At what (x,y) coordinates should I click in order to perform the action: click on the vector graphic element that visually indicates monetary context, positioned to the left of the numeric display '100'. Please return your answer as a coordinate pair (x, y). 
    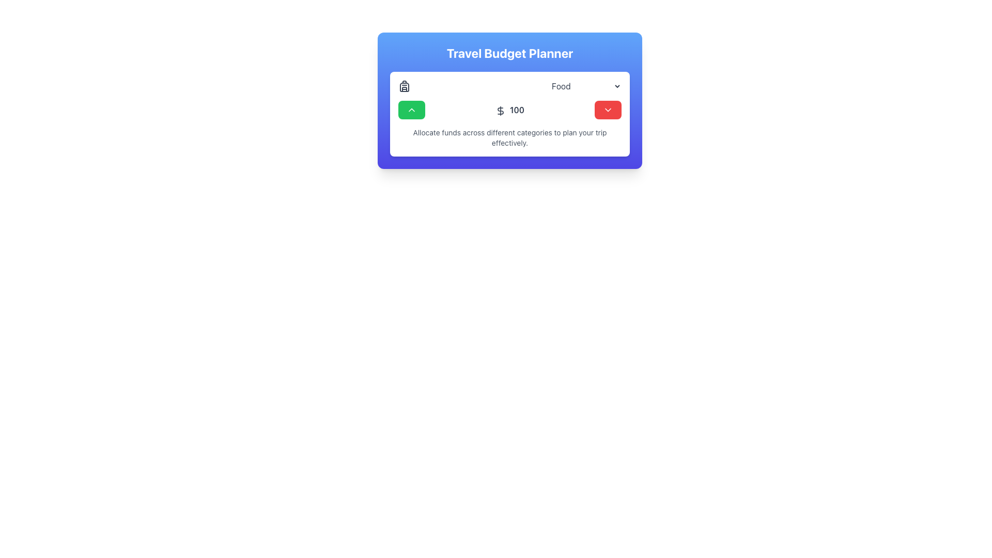
    Looking at the image, I should click on (500, 111).